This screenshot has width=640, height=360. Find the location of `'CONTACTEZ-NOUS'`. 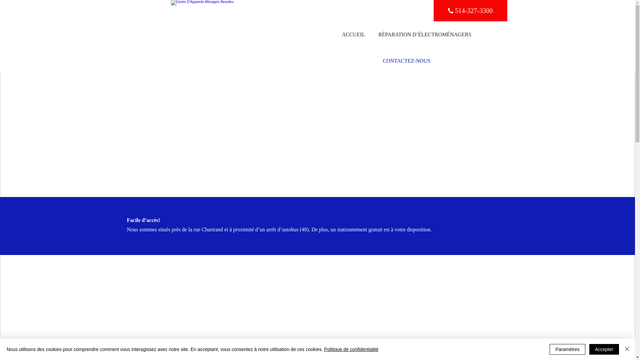

'CONTACTEZ-NOUS' is located at coordinates (406, 61).